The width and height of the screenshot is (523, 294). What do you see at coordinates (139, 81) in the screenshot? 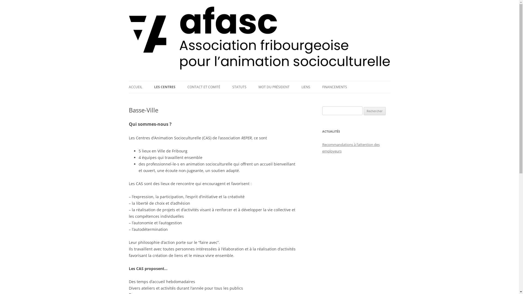
I see `'AFASC'` at bounding box center [139, 81].